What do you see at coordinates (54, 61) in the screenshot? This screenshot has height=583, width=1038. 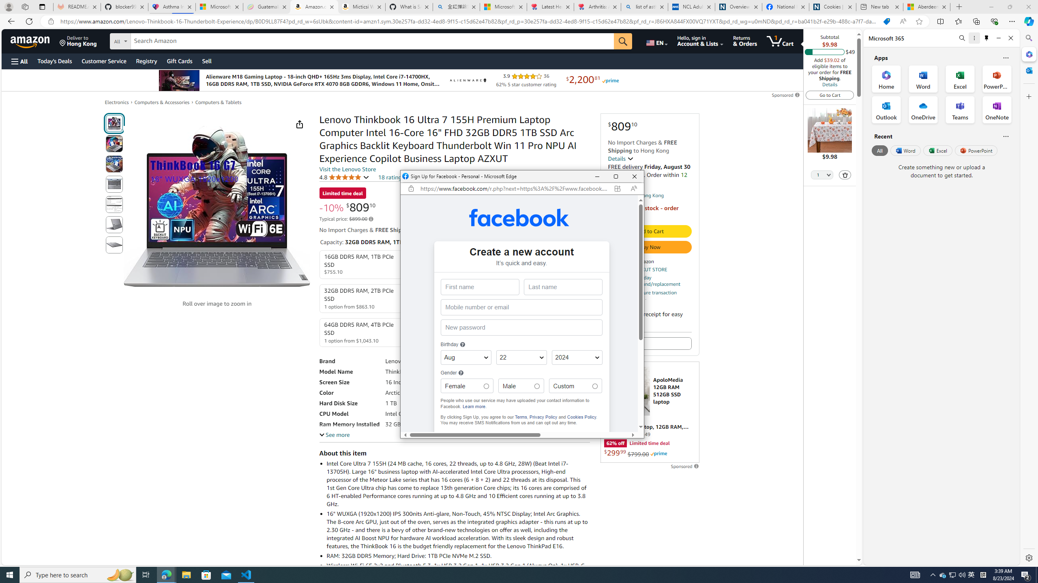 I see `'Today'` at bounding box center [54, 61].